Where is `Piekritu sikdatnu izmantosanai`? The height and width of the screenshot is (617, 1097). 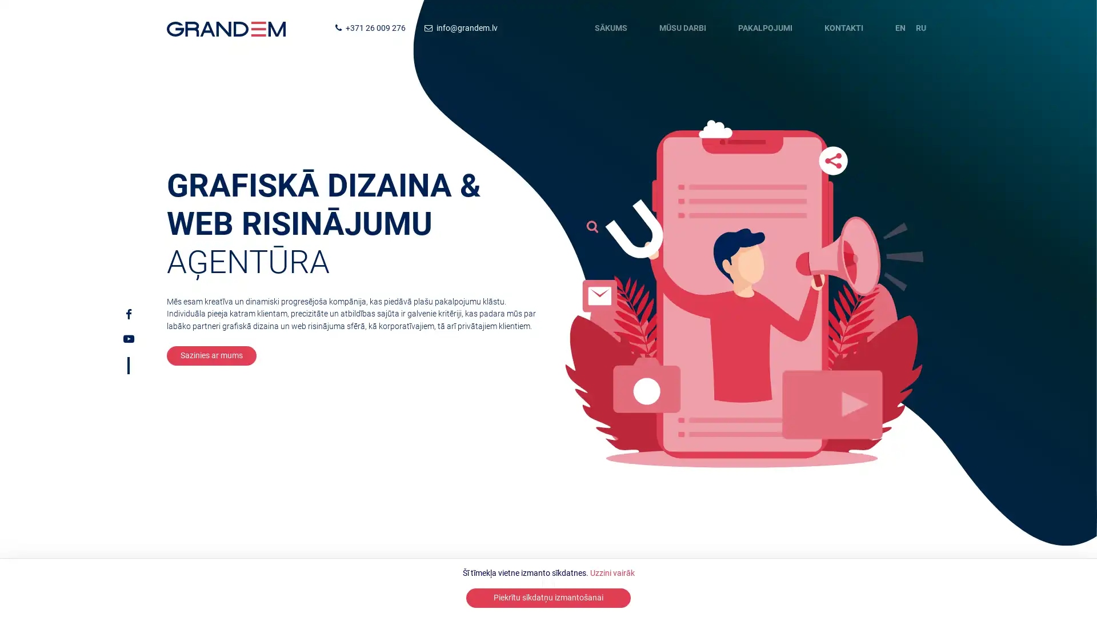
Piekritu sikdatnu izmantosanai is located at coordinates (548, 597).